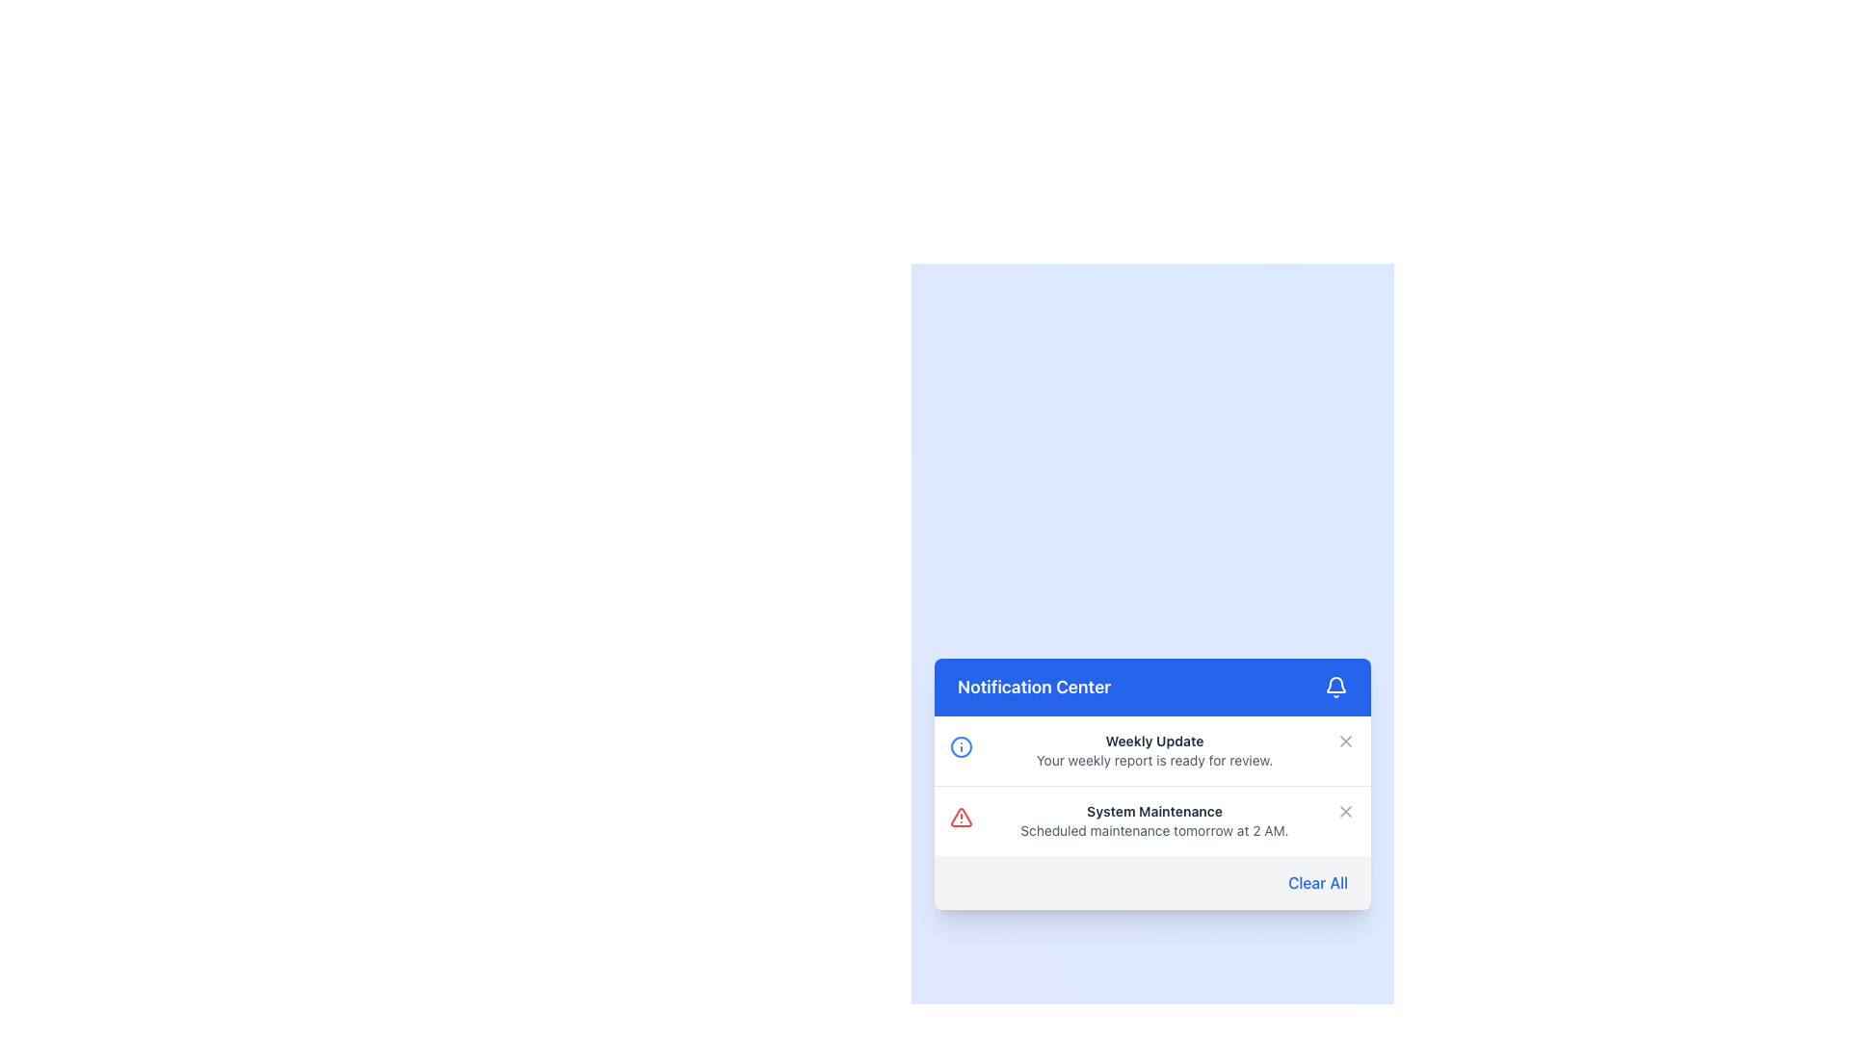 The image size is (1850, 1040). What do you see at coordinates (1344, 739) in the screenshot?
I see `the dismiss button located to the right of the text 'Weekly UpdateYour weekly report is ready for review.'` at bounding box center [1344, 739].